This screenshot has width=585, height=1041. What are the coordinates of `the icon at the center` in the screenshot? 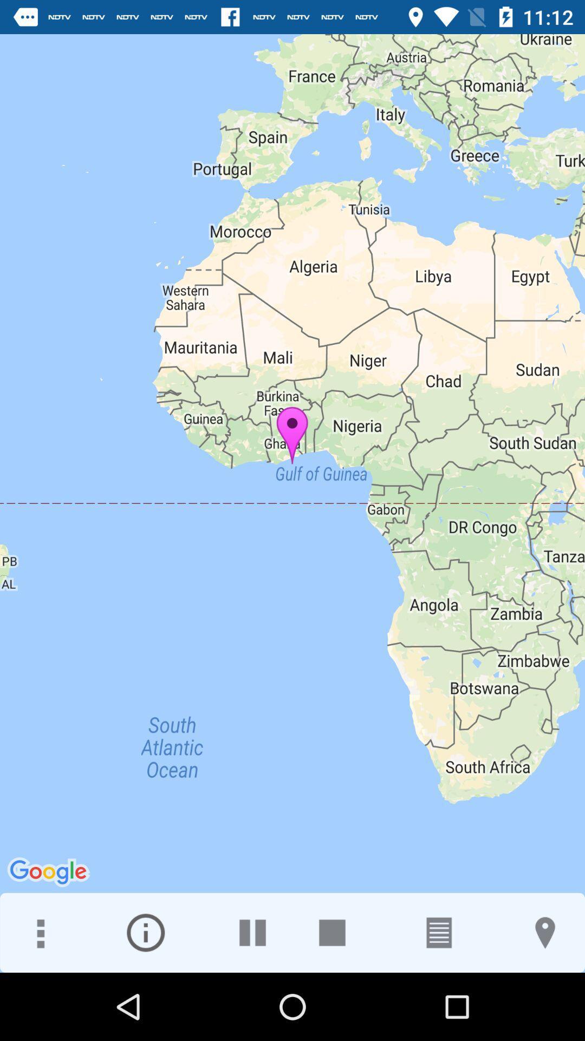 It's located at (292, 503).